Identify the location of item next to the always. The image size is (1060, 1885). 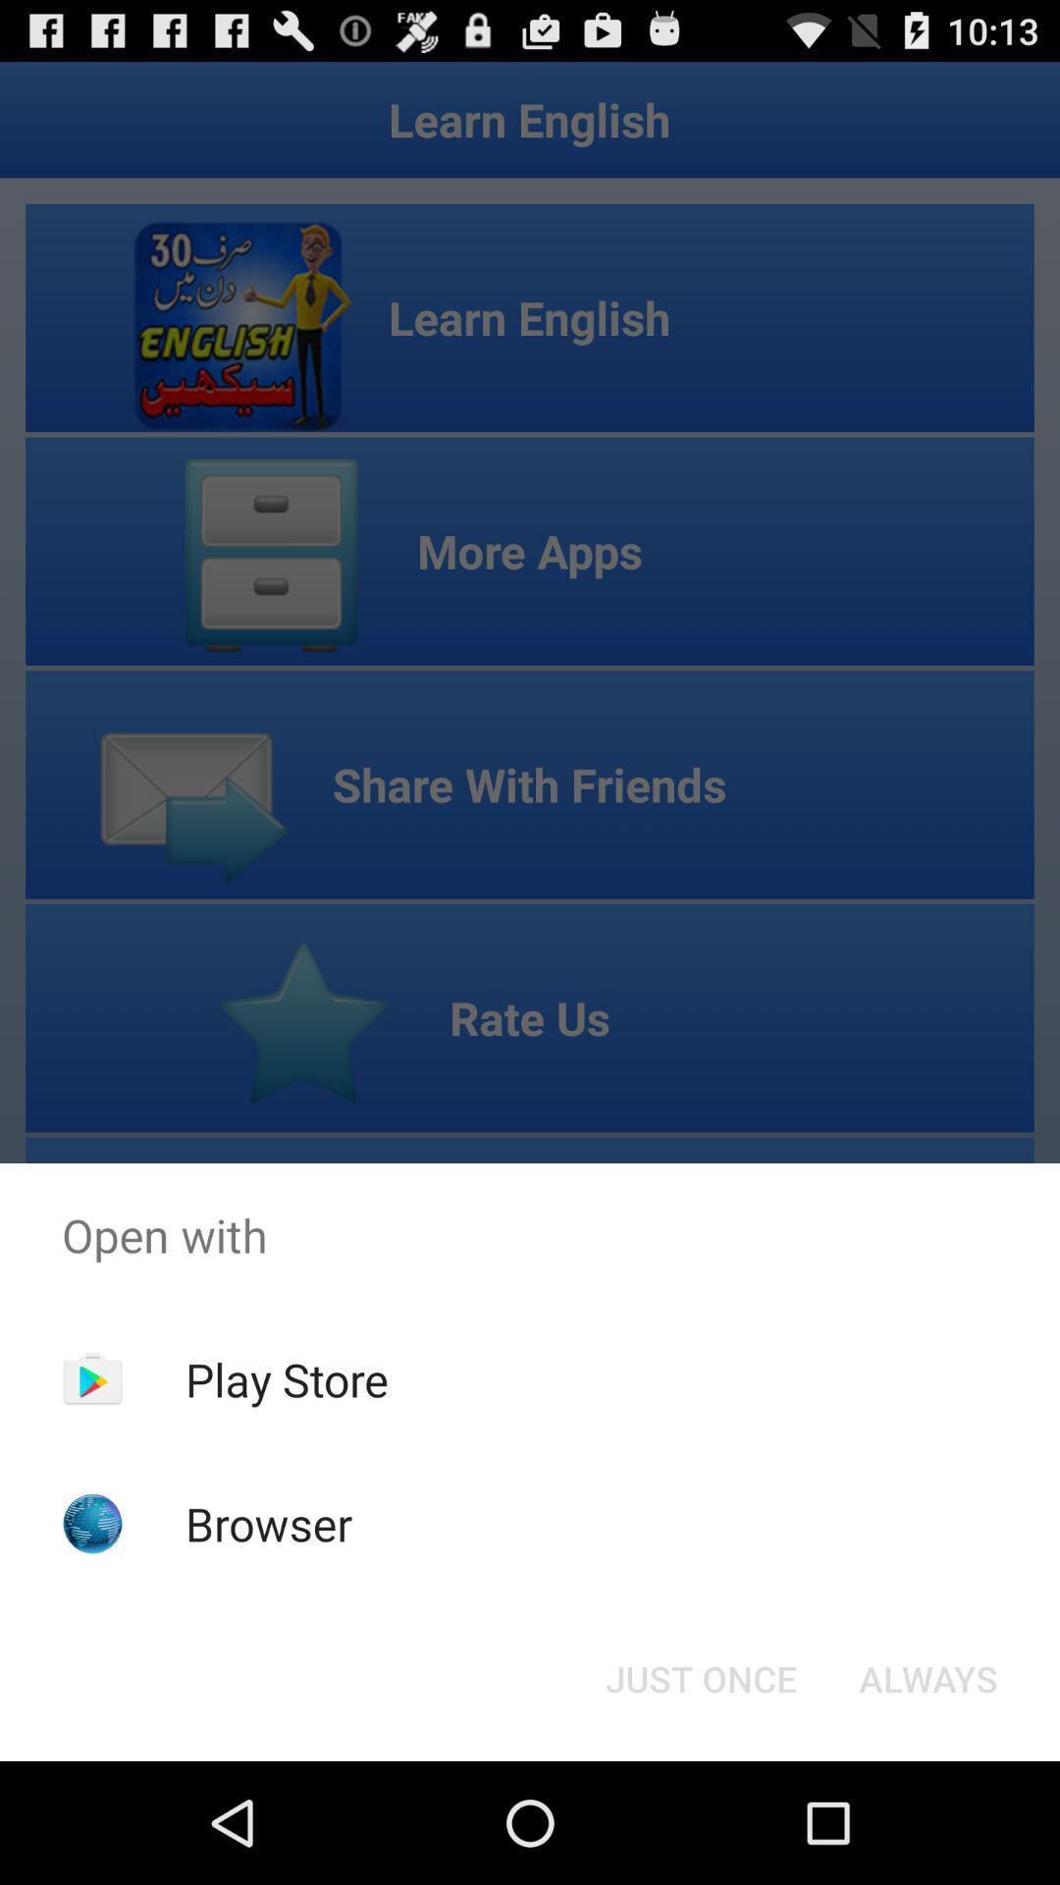
(700, 1677).